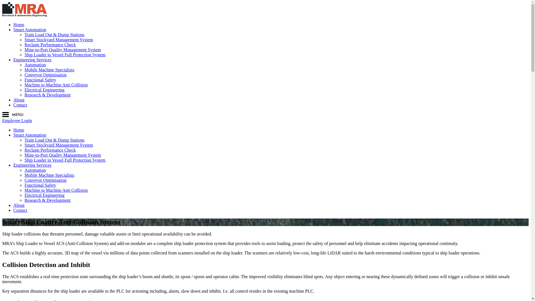  What do you see at coordinates (17, 120) in the screenshot?
I see `'Employee Login'` at bounding box center [17, 120].